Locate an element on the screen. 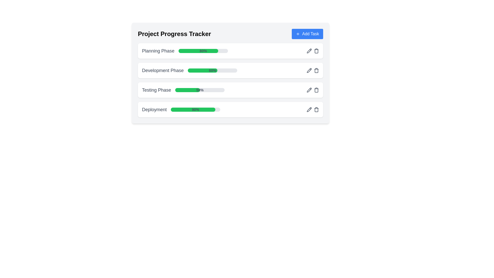  the filled segment of the progress bar indicating 90% completion in the 'Deployment' row of the progress tracker layout is located at coordinates (193, 109).